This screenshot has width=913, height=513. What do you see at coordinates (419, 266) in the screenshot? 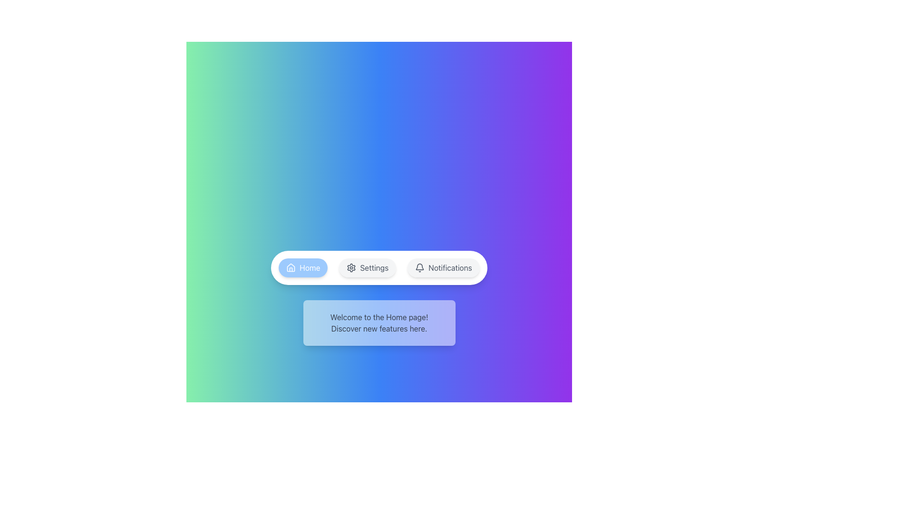
I see `the body of the bell icon in the Notifications button, which is the third icon from the left in the horizontal menu bar` at bounding box center [419, 266].